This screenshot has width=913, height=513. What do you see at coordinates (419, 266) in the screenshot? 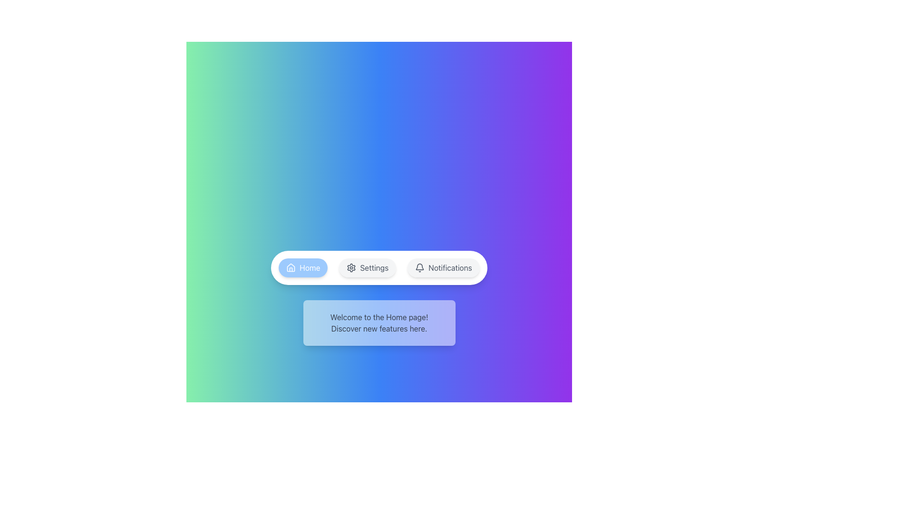
I see `the body of the bell icon in the Notifications button, which is the third icon from the left in the horizontal menu bar` at bounding box center [419, 266].